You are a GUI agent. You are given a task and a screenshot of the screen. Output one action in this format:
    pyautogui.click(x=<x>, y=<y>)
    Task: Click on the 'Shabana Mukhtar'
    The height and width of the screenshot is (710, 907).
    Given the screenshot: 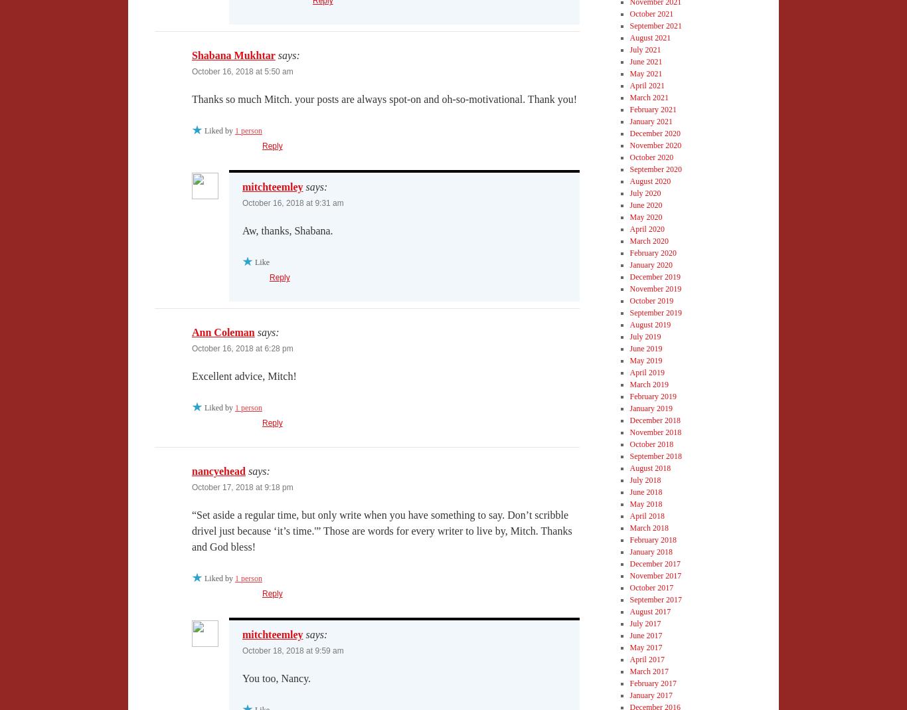 What is the action you would take?
    pyautogui.click(x=232, y=54)
    